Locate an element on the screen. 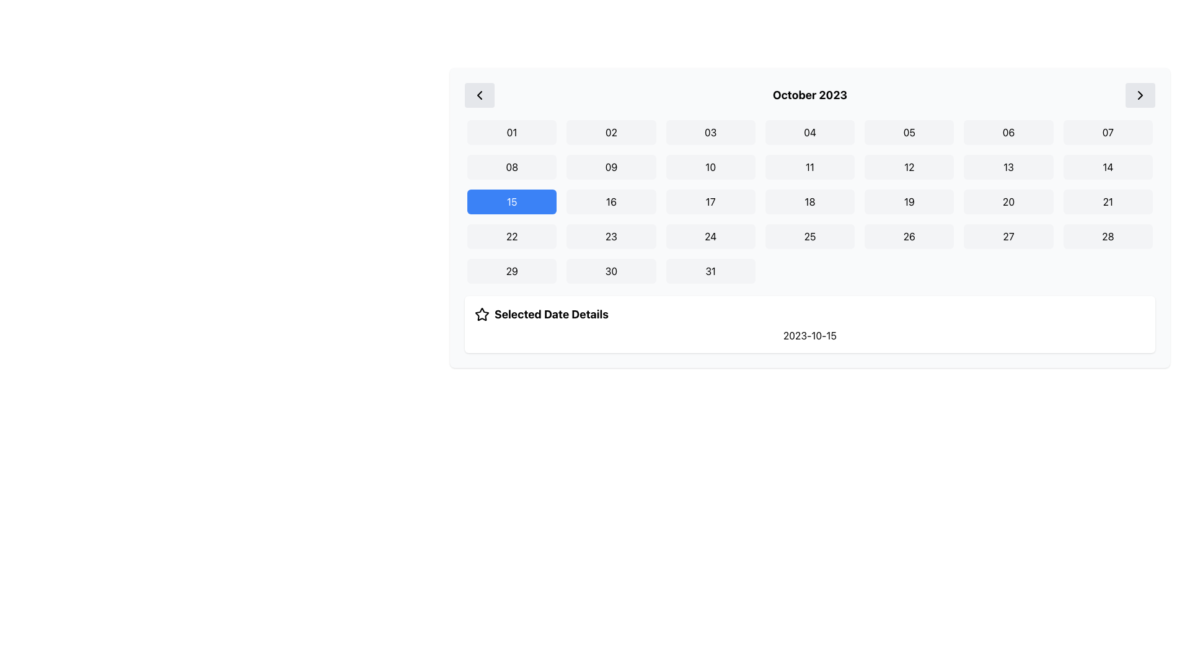  the chevron arrow icon located inside the rounded rectangular button at the top-left of the date picker interface is located at coordinates (478, 95).